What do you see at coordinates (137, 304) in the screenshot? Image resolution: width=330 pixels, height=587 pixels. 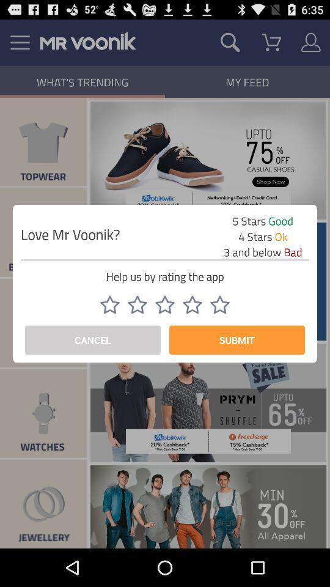 I see `two star rating` at bounding box center [137, 304].